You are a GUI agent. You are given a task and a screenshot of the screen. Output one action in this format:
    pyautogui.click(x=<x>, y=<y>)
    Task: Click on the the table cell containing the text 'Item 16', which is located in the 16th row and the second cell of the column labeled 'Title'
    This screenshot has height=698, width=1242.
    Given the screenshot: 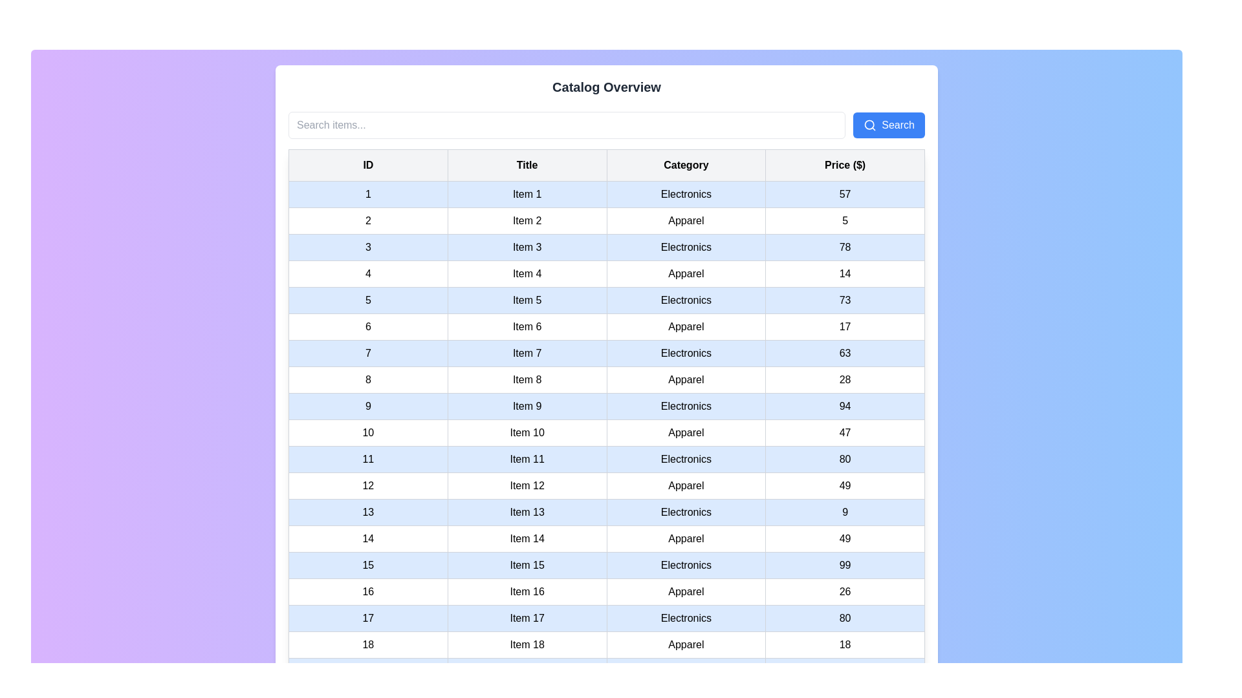 What is the action you would take?
    pyautogui.click(x=527, y=591)
    